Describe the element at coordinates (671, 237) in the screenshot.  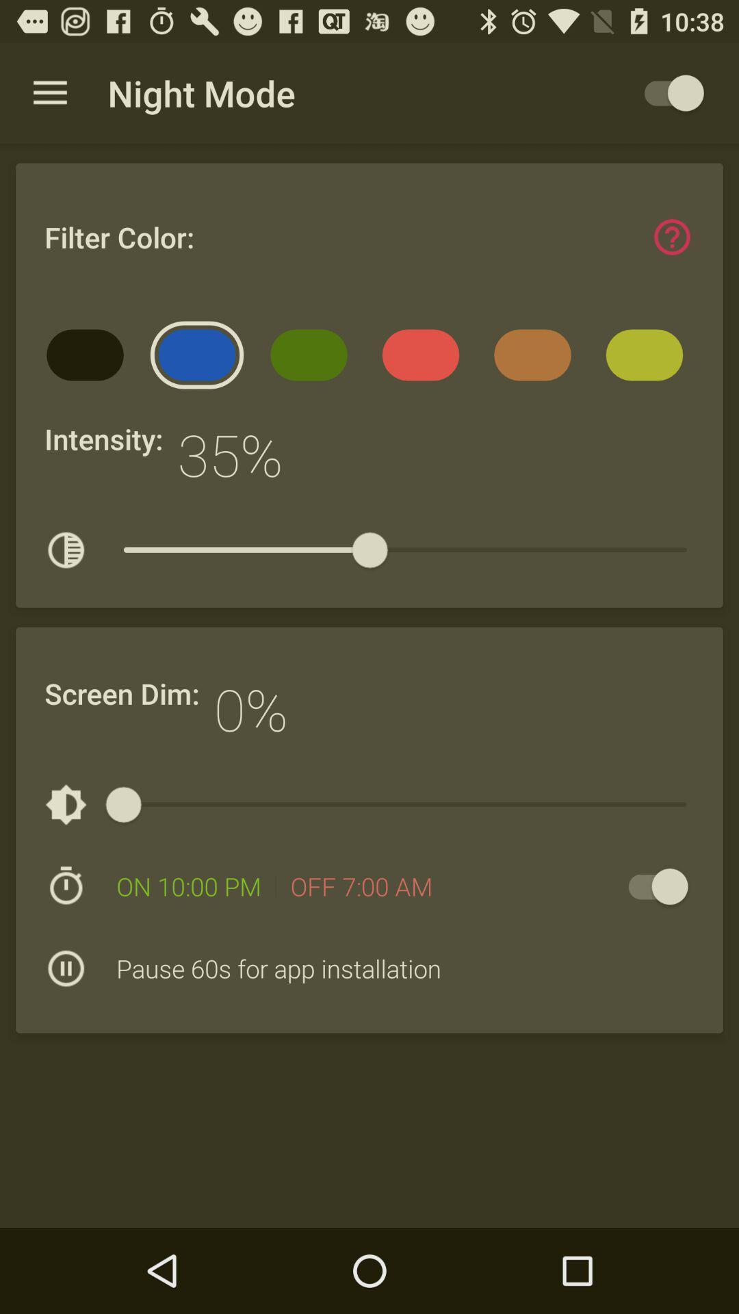
I see `item next to the filter color: icon` at that location.